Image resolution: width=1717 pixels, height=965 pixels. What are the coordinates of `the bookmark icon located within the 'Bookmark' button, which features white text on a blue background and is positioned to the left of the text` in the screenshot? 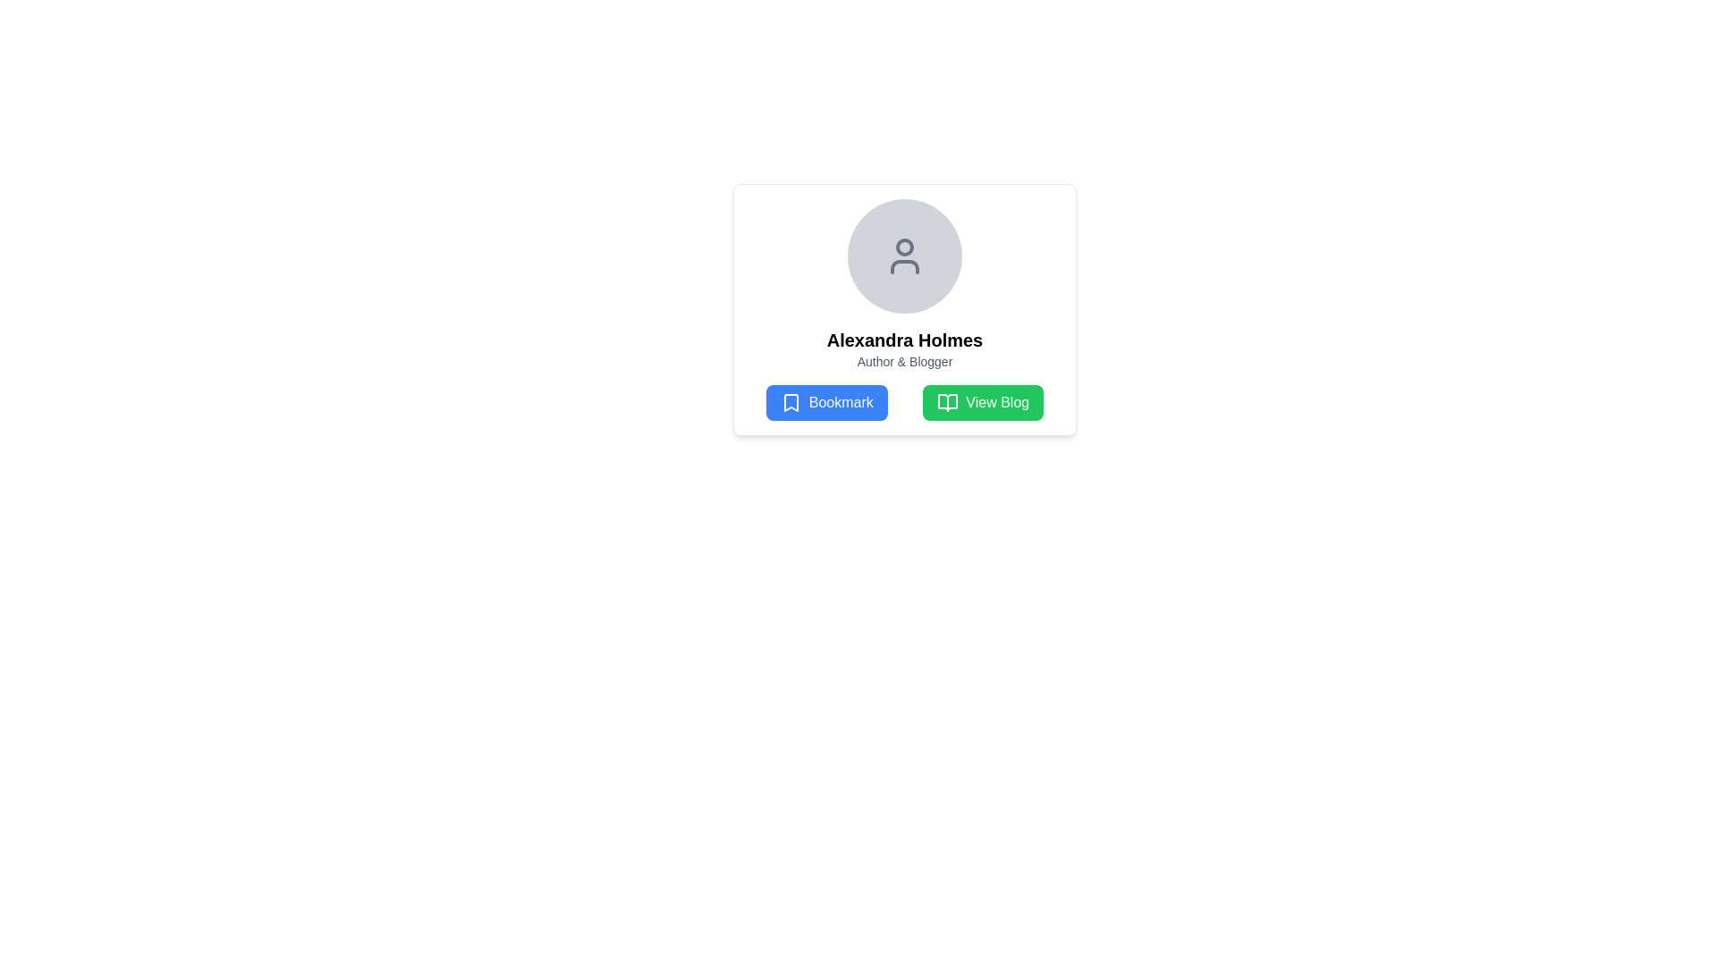 It's located at (790, 403).